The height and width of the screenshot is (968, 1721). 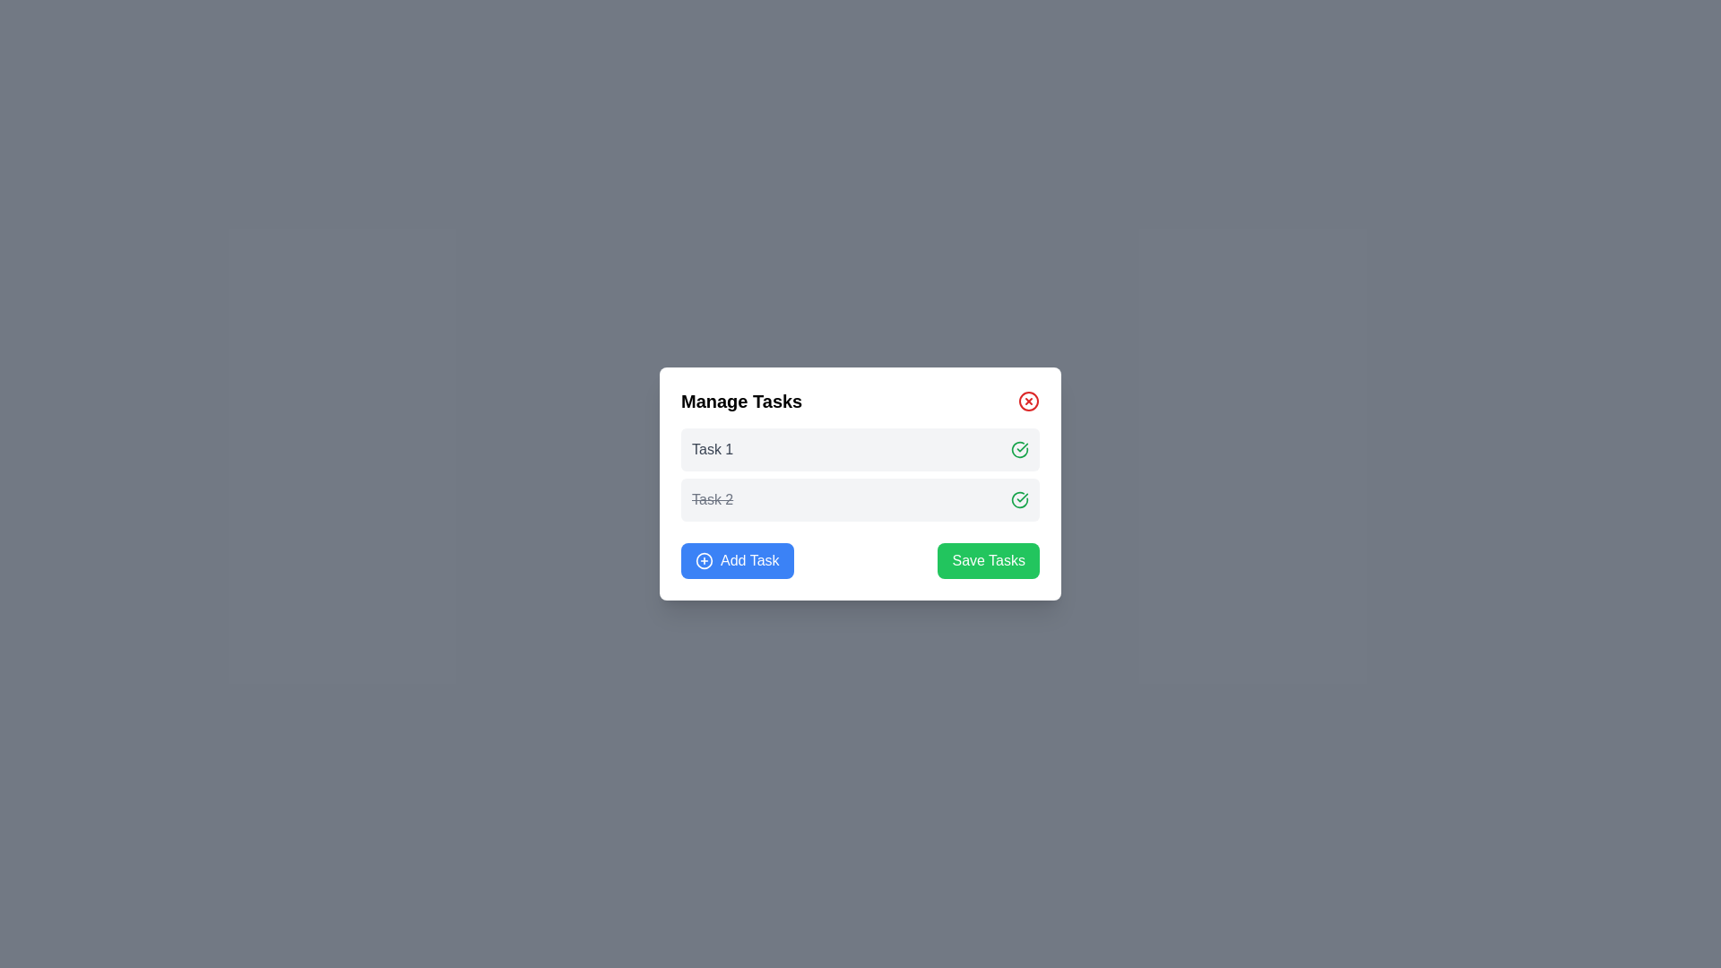 I want to click on the tasks section of the task management modal dialog to mark tasks as done, so click(x=860, y=484).